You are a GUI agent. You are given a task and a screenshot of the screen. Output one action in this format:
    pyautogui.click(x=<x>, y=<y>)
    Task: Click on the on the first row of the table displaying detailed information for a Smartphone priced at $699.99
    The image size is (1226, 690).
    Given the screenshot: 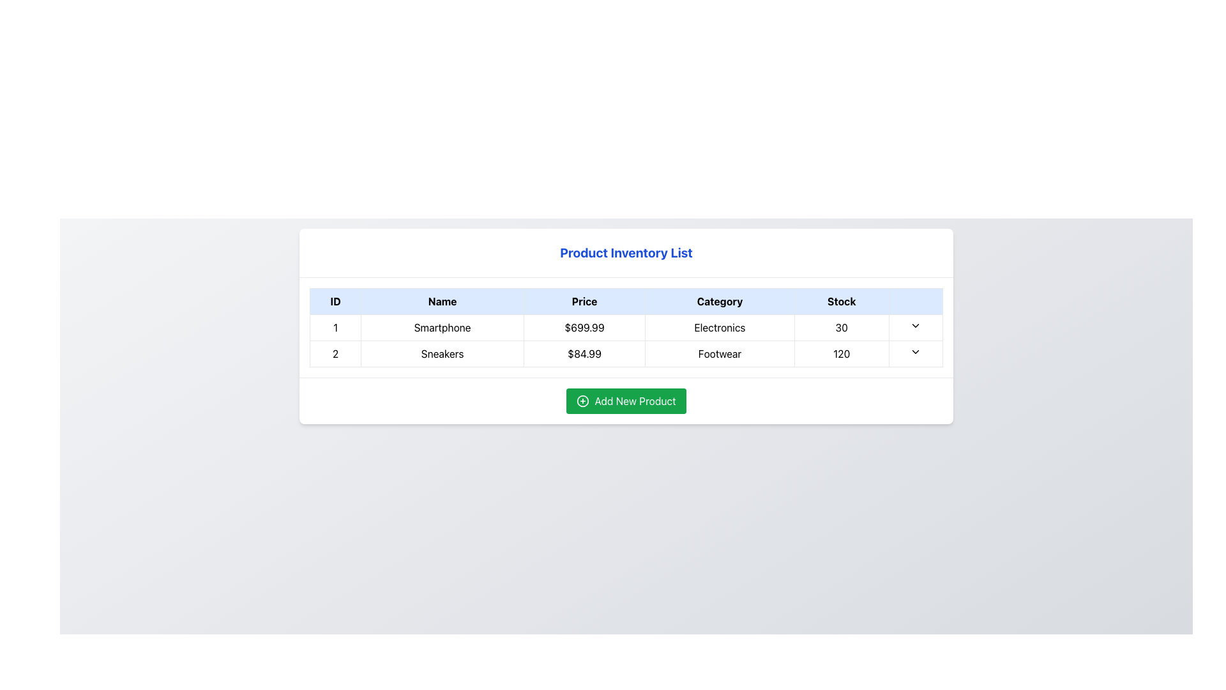 What is the action you would take?
    pyautogui.click(x=626, y=339)
    